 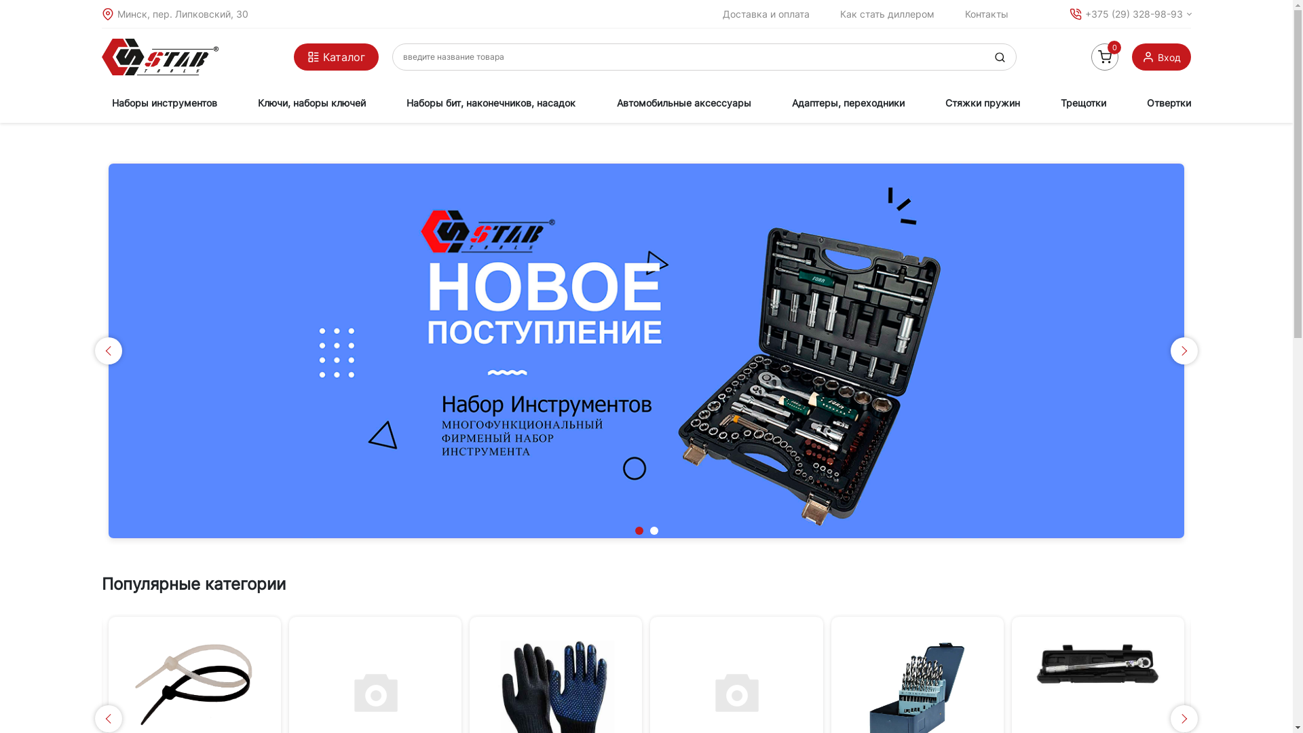 I want to click on '0', so click(x=1091, y=56).